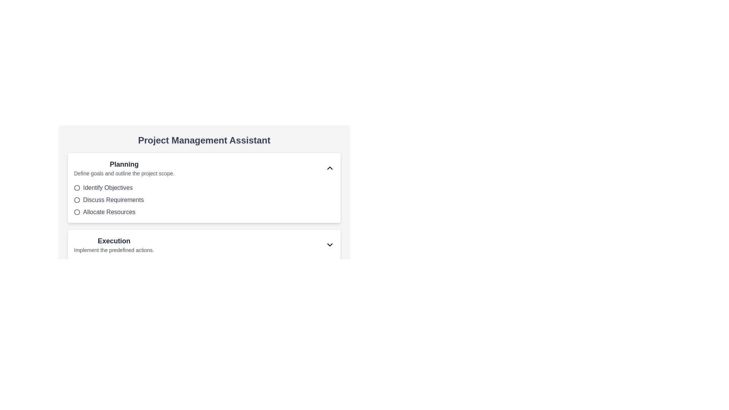 This screenshot has width=729, height=410. What do you see at coordinates (204, 188) in the screenshot?
I see `the first task item labeled 'Identify Objectives' in the 'Planning' section` at bounding box center [204, 188].